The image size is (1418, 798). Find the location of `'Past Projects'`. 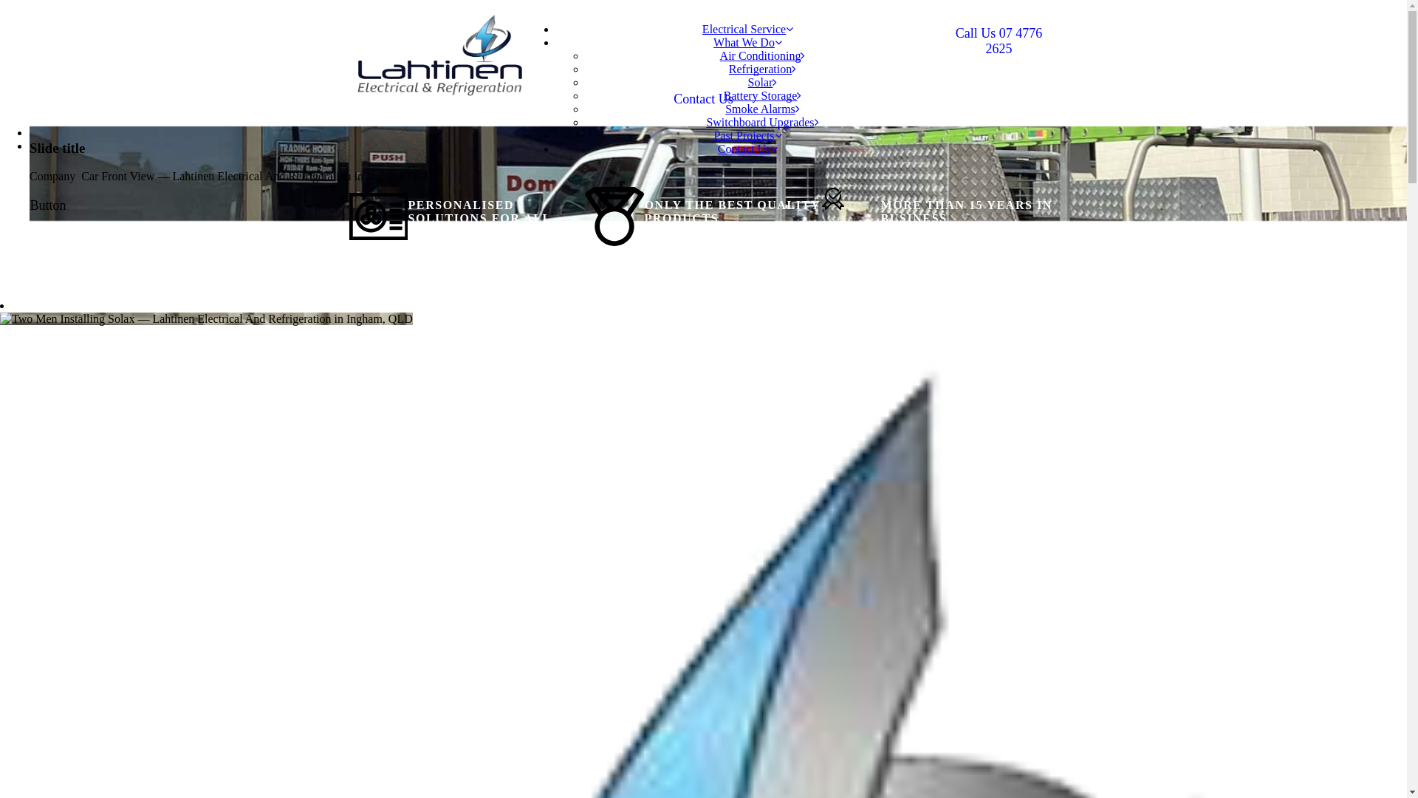

'Past Projects' is located at coordinates (747, 135).